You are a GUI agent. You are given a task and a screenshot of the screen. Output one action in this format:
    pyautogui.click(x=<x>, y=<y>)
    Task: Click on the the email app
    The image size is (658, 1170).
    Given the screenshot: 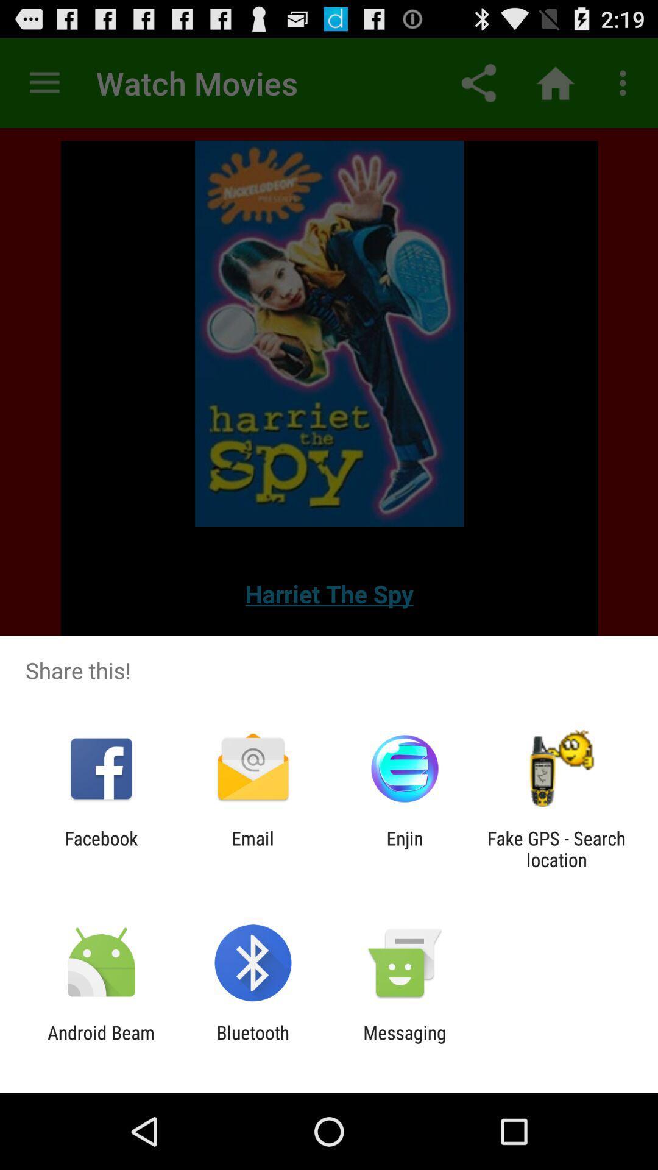 What is the action you would take?
    pyautogui.click(x=252, y=848)
    